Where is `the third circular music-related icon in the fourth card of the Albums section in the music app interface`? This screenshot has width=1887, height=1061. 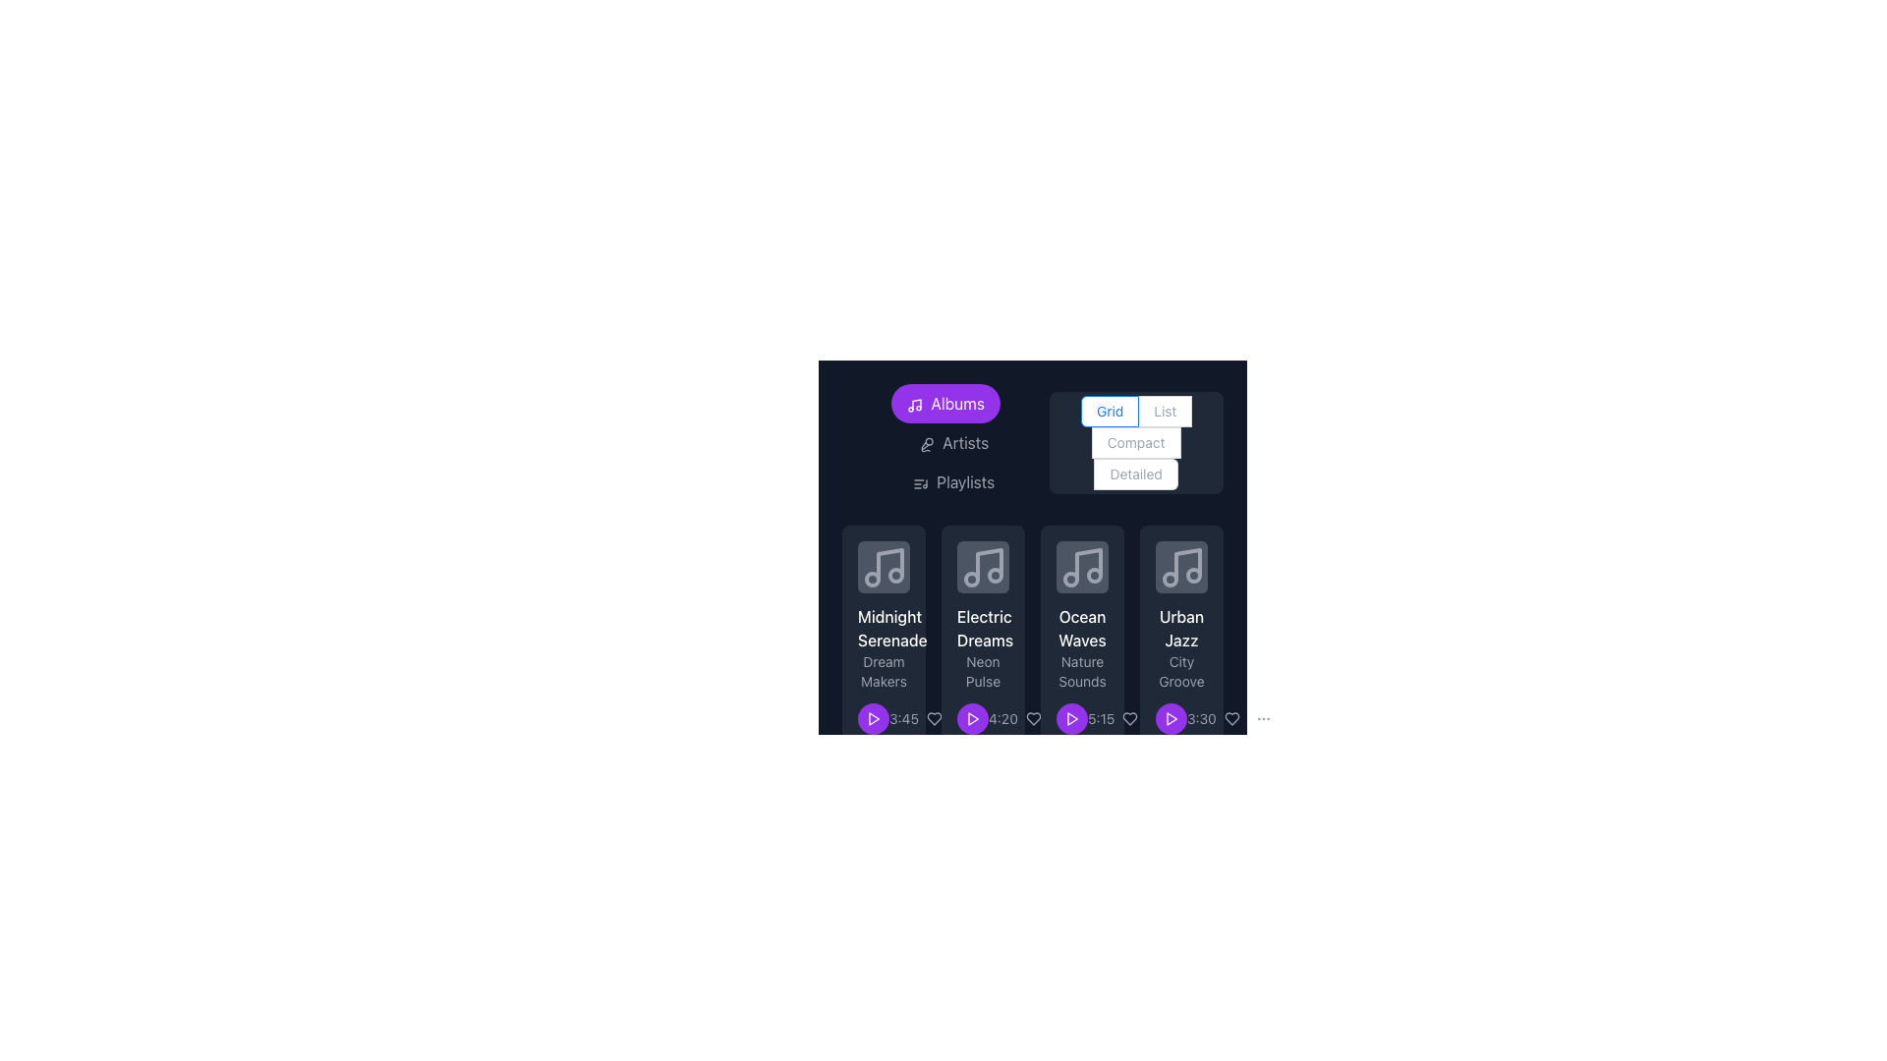
the third circular music-related icon in the fourth card of the Albums section in the music app interface is located at coordinates (1192, 575).